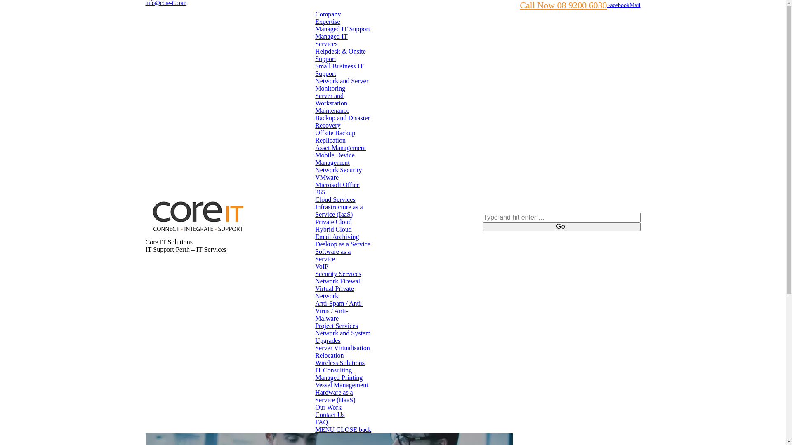  What do you see at coordinates (328, 14) in the screenshot?
I see `'Company'` at bounding box center [328, 14].